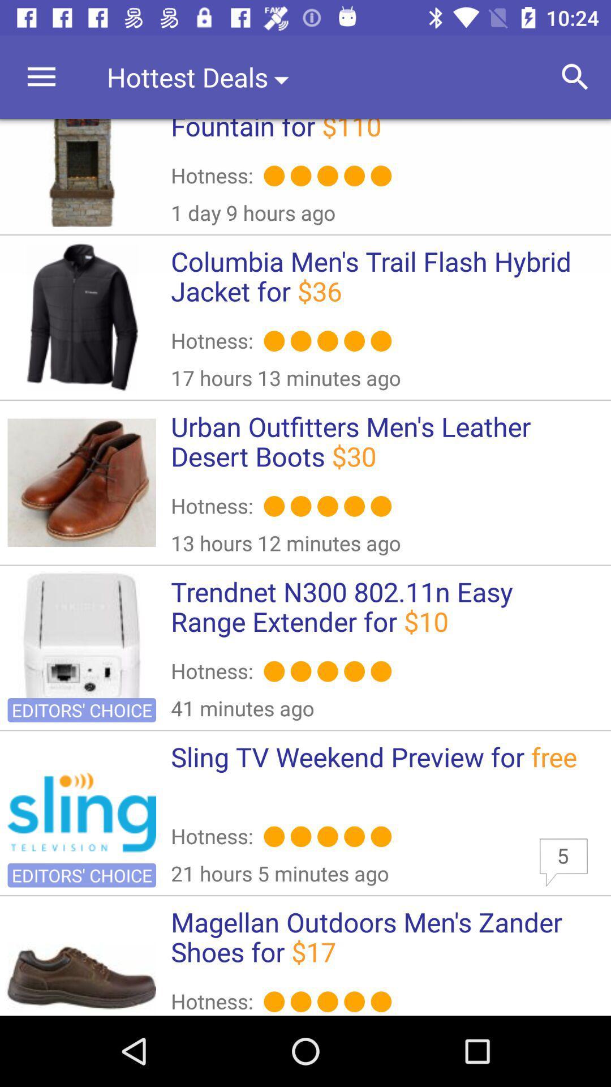 The image size is (611, 1087). What do you see at coordinates (41, 76) in the screenshot?
I see `menu button` at bounding box center [41, 76].